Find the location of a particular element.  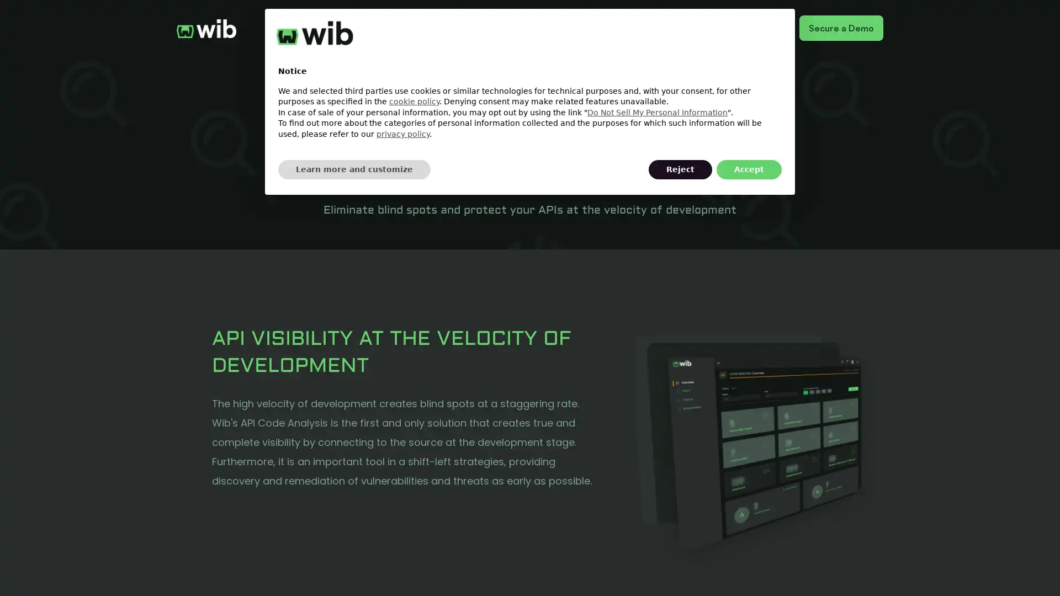

Accept is located at coordinates (749, 169).